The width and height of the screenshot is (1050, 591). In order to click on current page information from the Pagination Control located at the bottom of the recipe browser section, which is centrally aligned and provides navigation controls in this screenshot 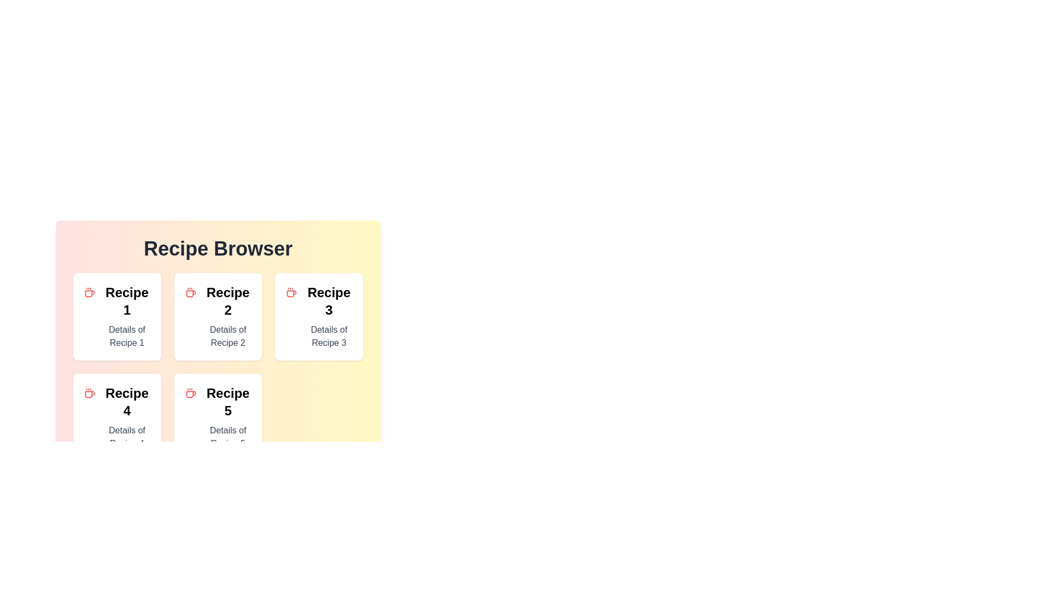, I will do `click(218, 488)`.